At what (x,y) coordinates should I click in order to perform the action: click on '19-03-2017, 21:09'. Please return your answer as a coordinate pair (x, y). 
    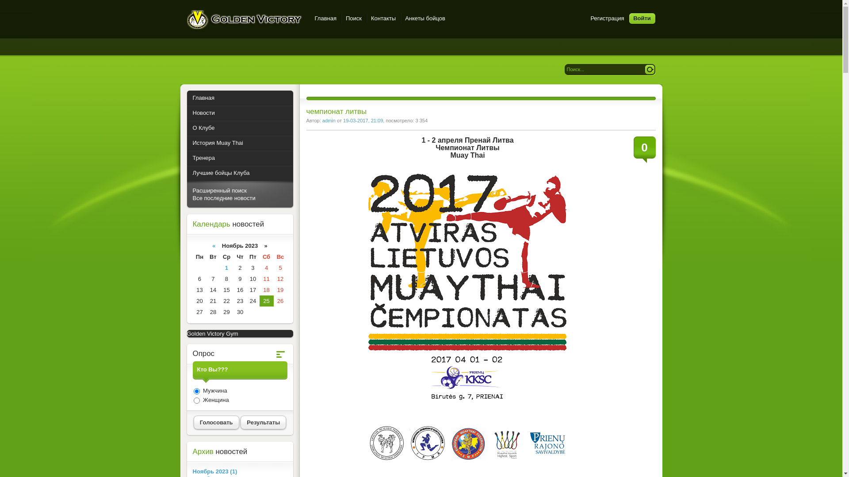
    Looking at the image, I should click on (343, 121).